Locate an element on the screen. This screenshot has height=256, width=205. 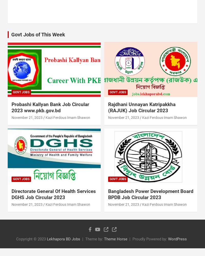
'WordPress' is located at coordinates (177, 239).